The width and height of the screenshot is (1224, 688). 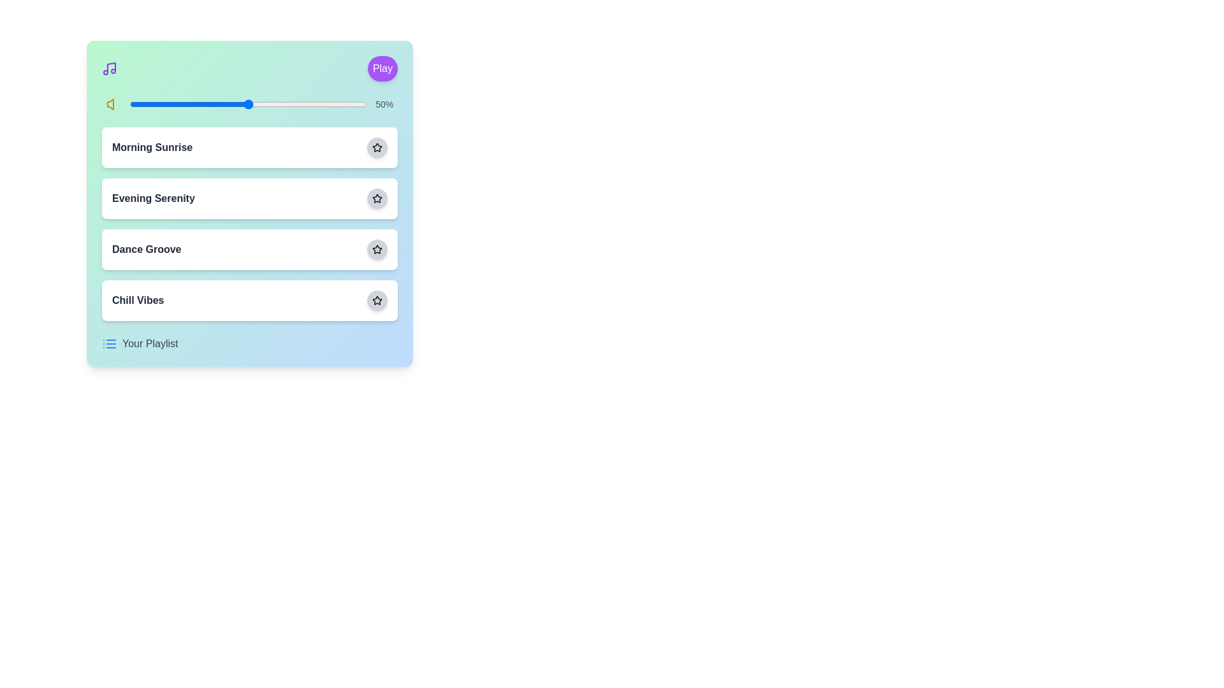 What do you see at coordinates (376, 199) in the screenshot?
I see `the toggle button for marking or favoriting the 'Evening Serenity' item, located to the far right of the second list item` at bounding box center [376, 199].